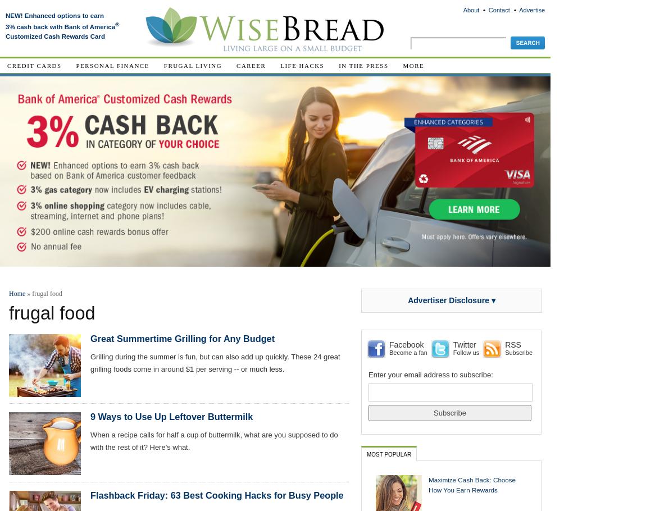  I want to click on 'Enter your email address to subscribe:', so click(430, 374).